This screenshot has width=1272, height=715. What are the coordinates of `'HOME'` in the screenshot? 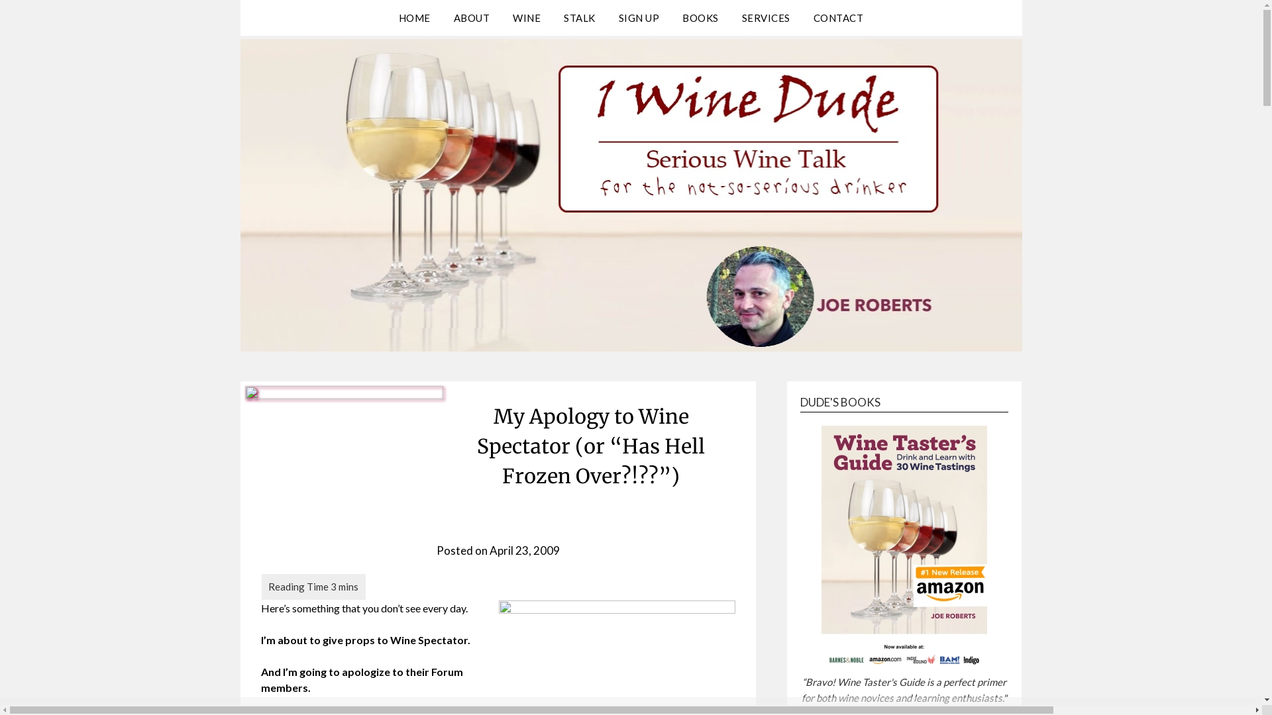 It's located at (413, 18).